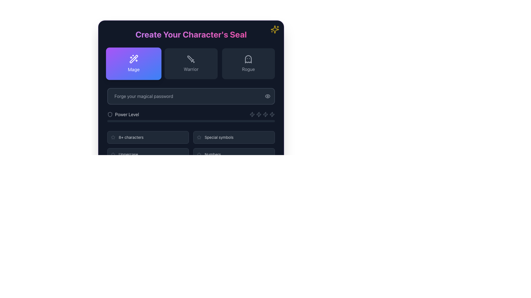  What do you see at coordinates (248, 59) in the screenshot?
I see `the 'Rogue' icon within the button` at bounding box center [248, 59].